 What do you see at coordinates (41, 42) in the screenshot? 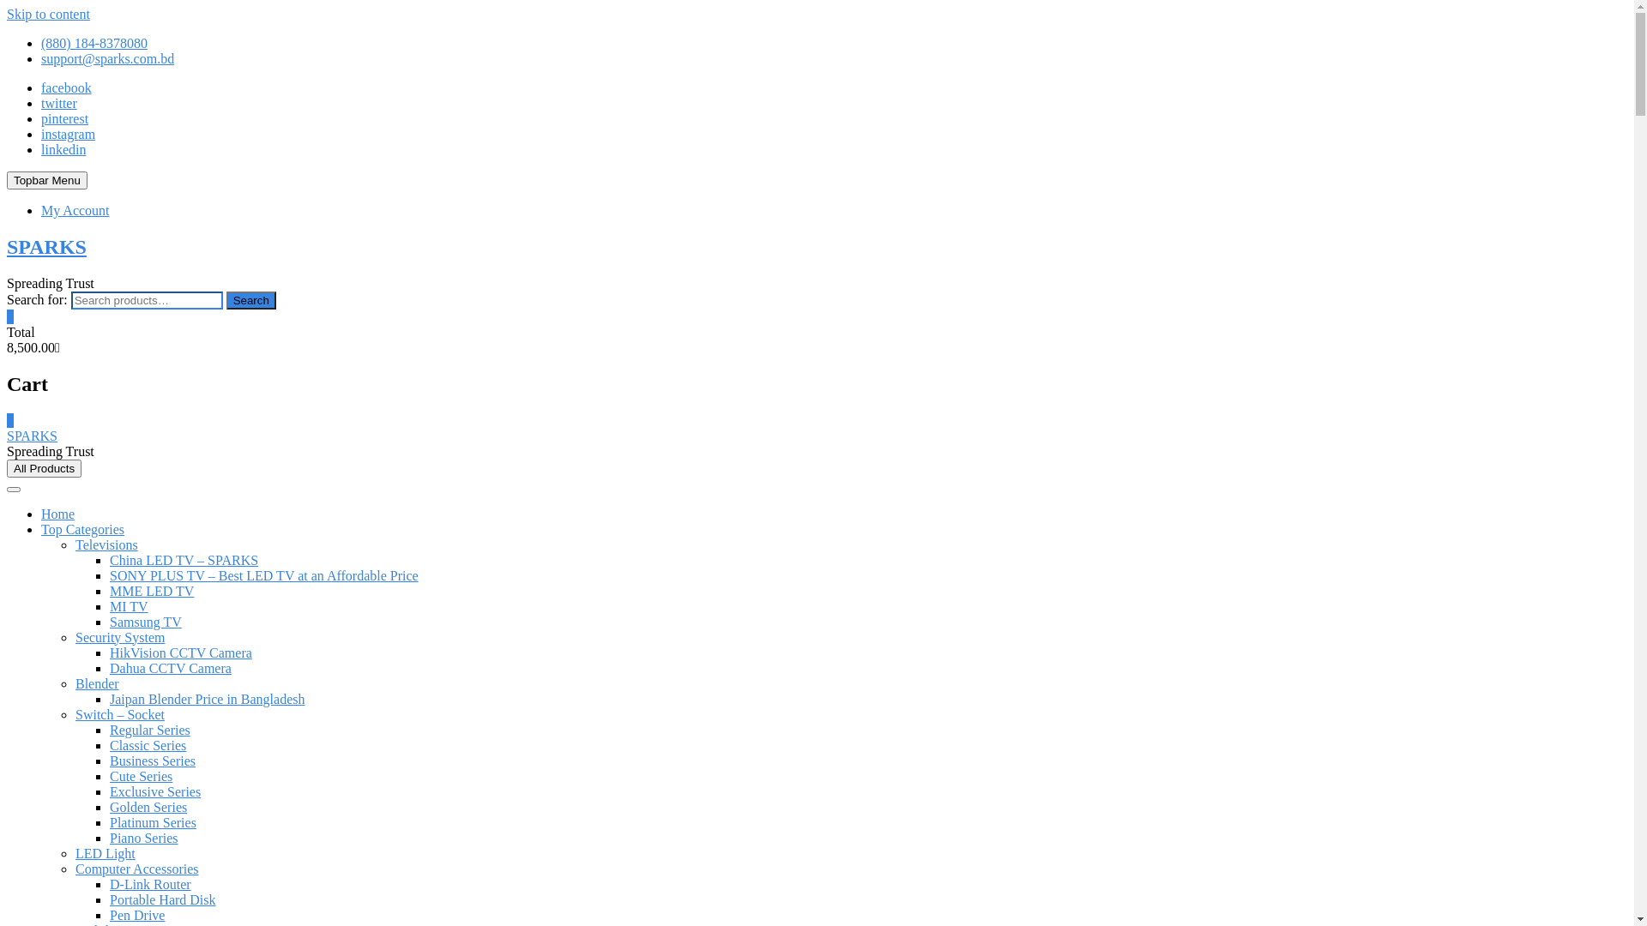
I see `'(880) 184-8378080'` at bounding box center [41, 42].